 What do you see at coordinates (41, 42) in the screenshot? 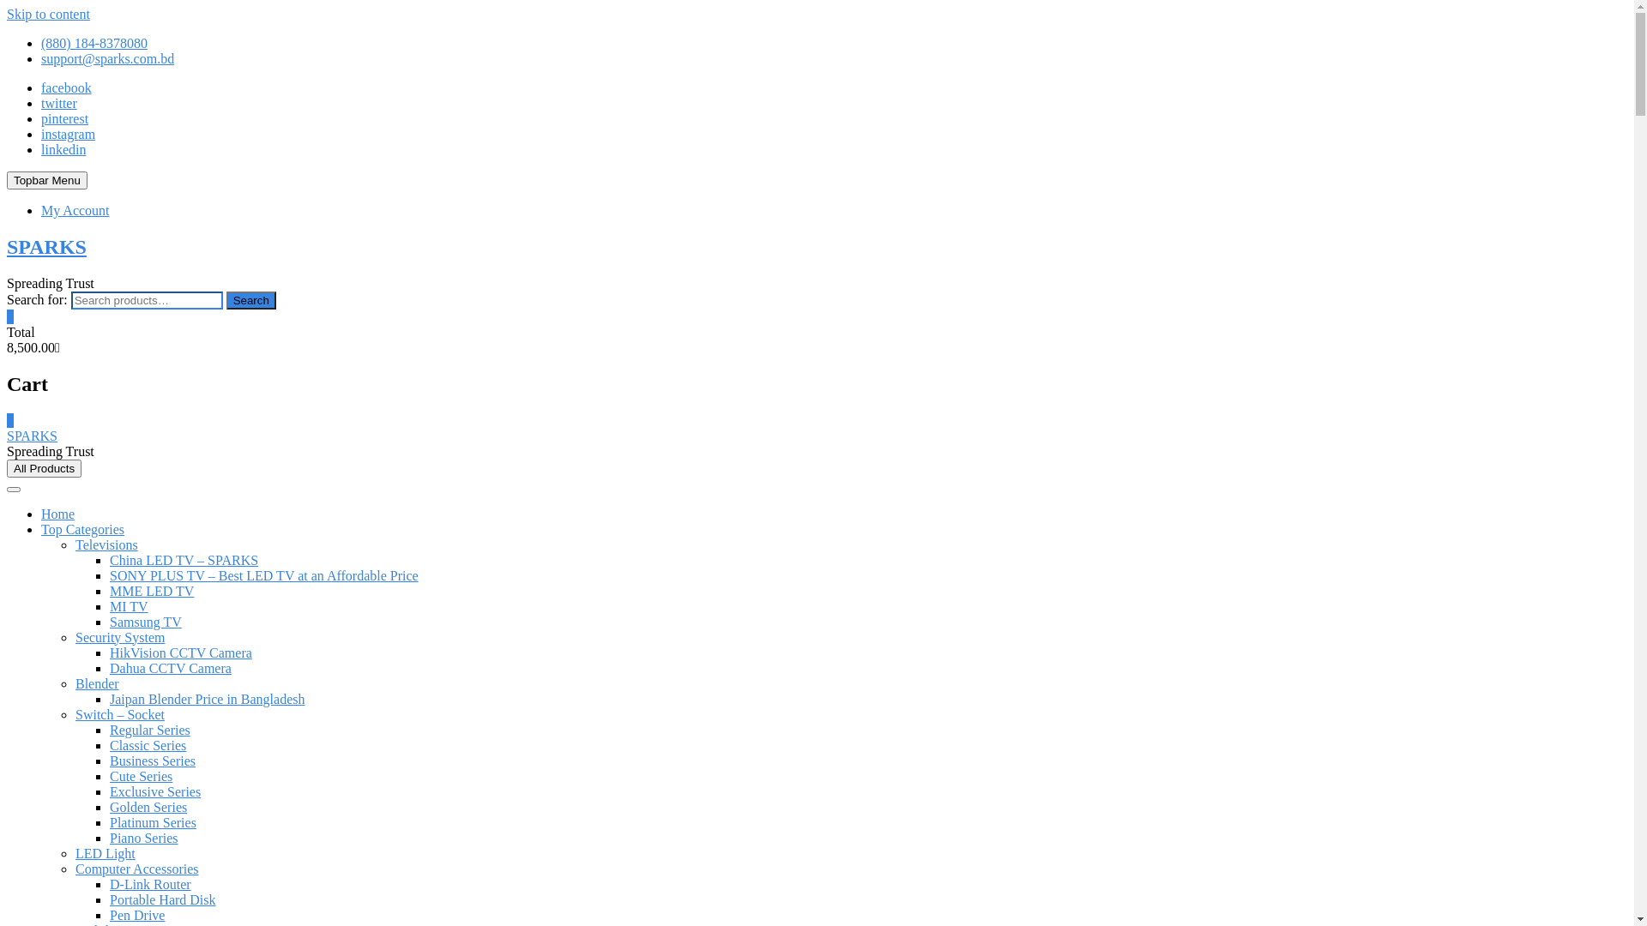
I see `'(880) 184-8378080'` at bounding box center [41, 42].